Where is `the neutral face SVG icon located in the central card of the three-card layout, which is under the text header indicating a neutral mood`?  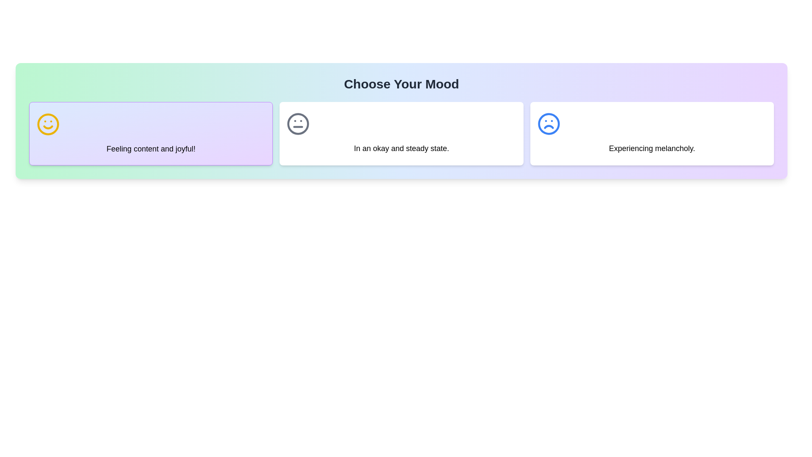
the neutral face SVG icon located in the central card of the three-card layout, which is under the text header indicating a neutral mood is located at coordinates (298, 124).